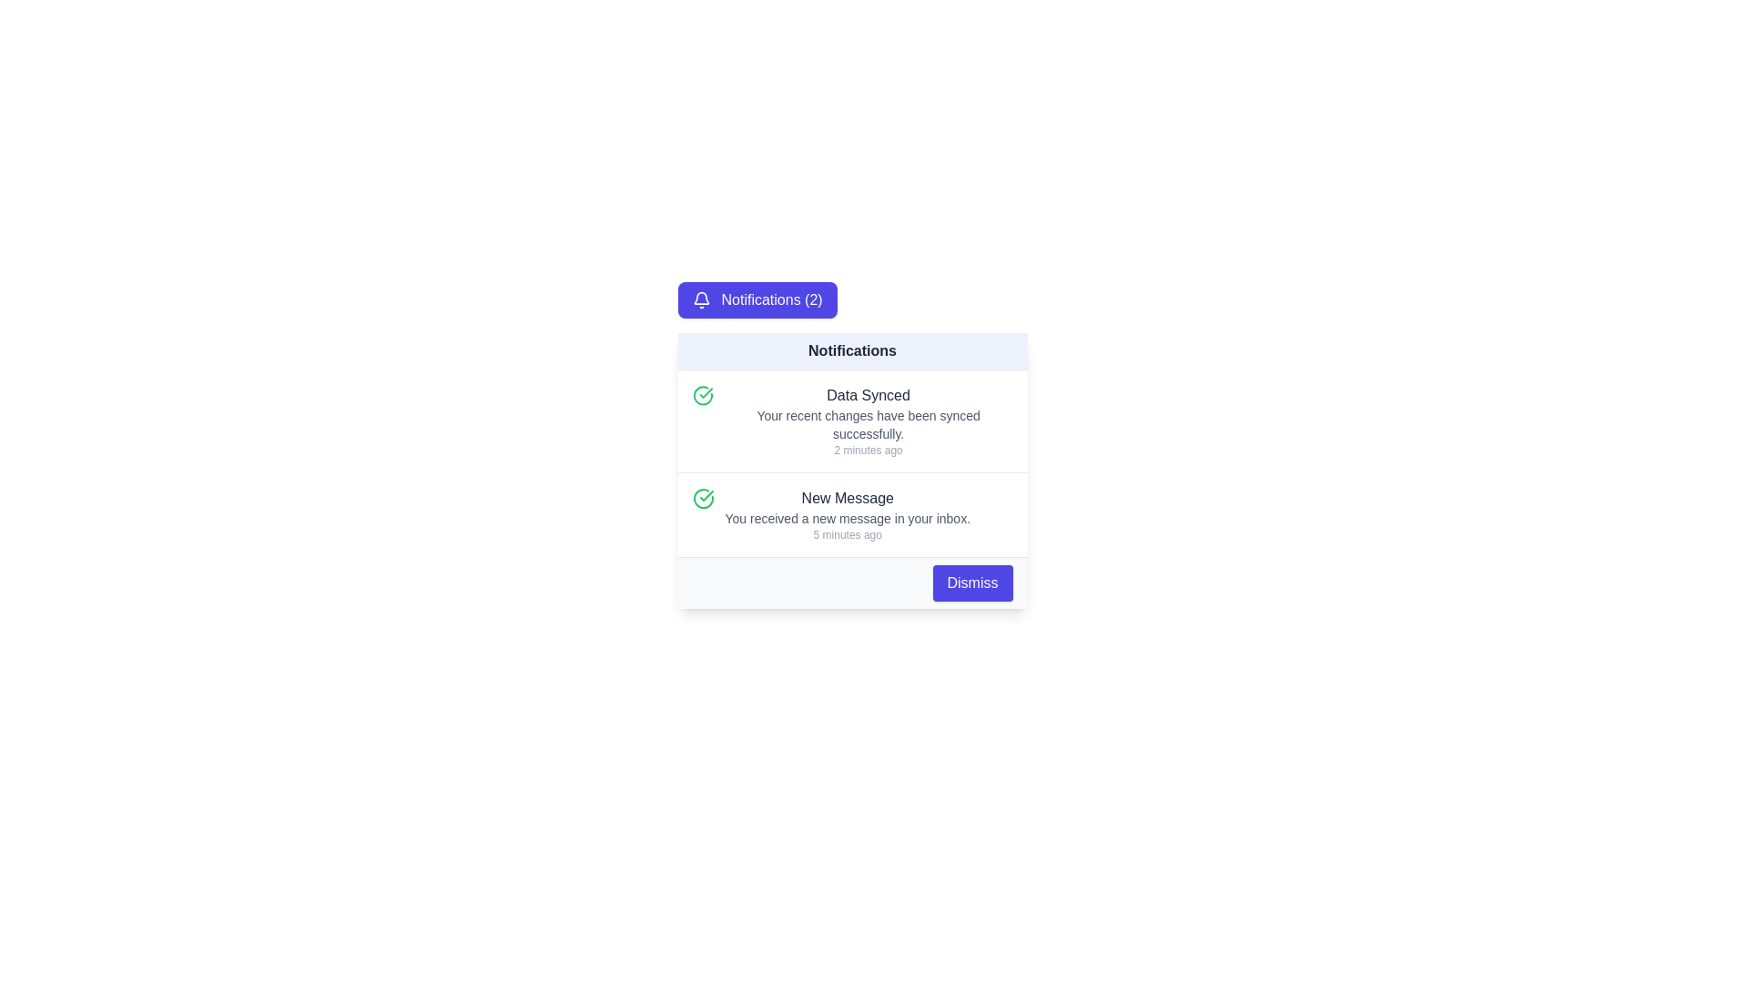  What do you see at coordinates (847, 498) in the screenshot?
I see `the static text label in the second notification card of the notifications panel, which serves as the title for the notification` at bounding box center [847, 498].